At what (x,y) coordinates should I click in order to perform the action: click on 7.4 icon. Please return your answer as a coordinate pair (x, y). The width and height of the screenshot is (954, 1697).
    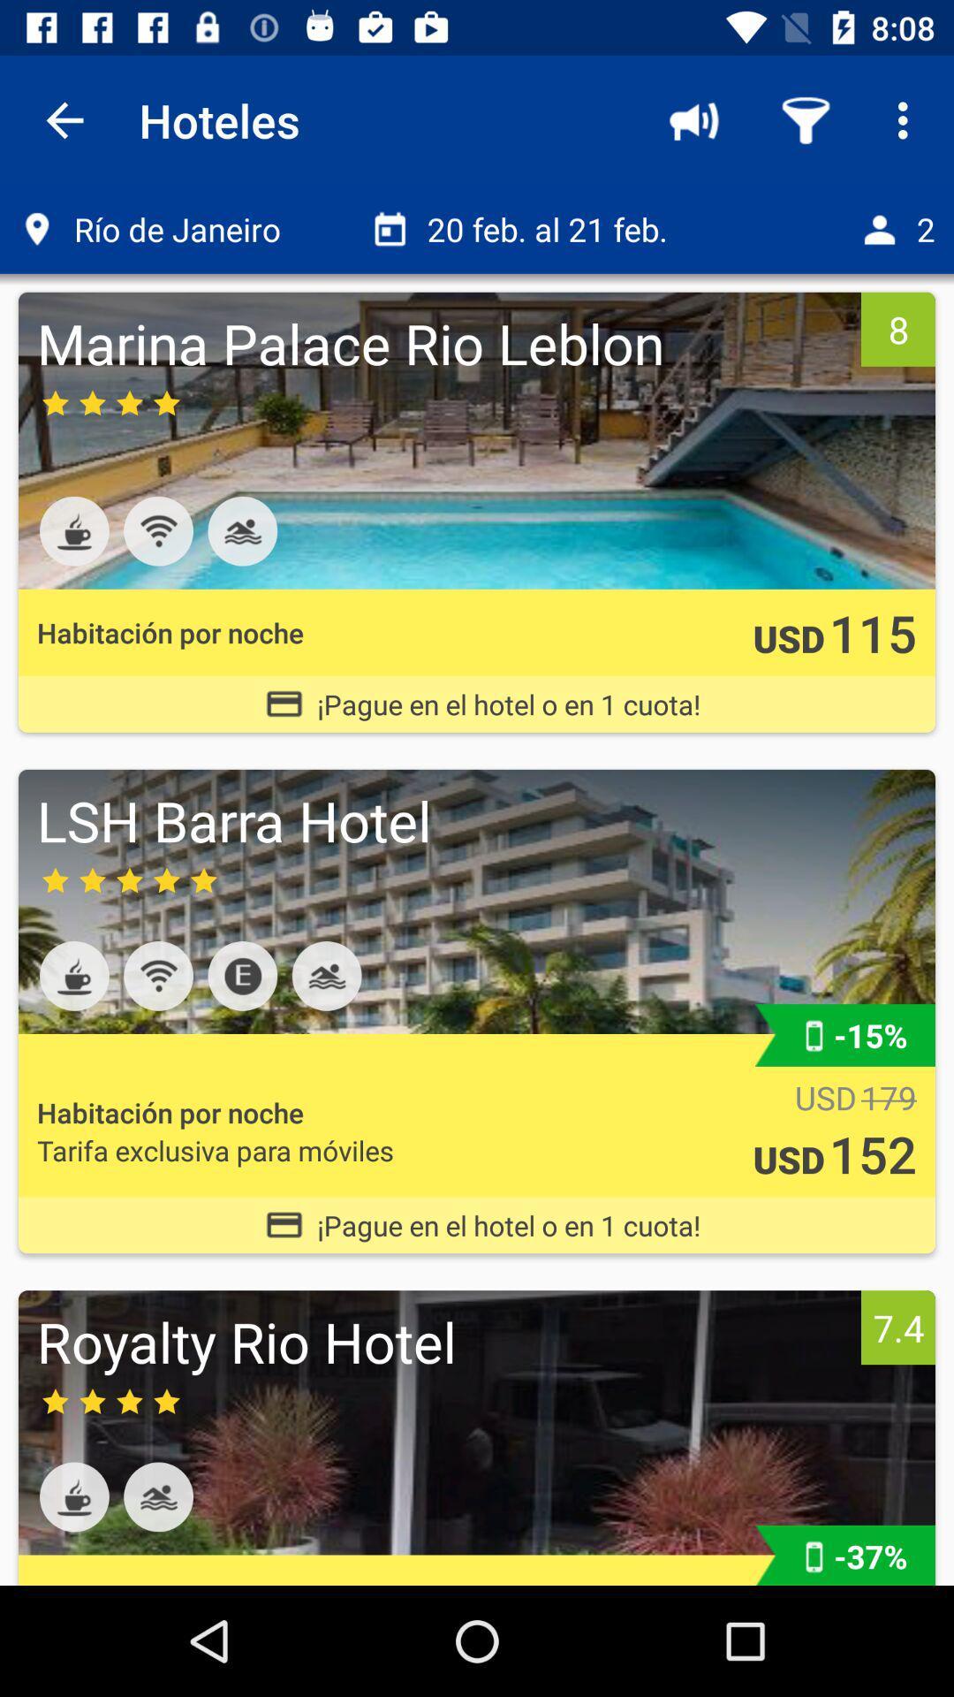
    Looking at the image, I should click on (898, 1328).